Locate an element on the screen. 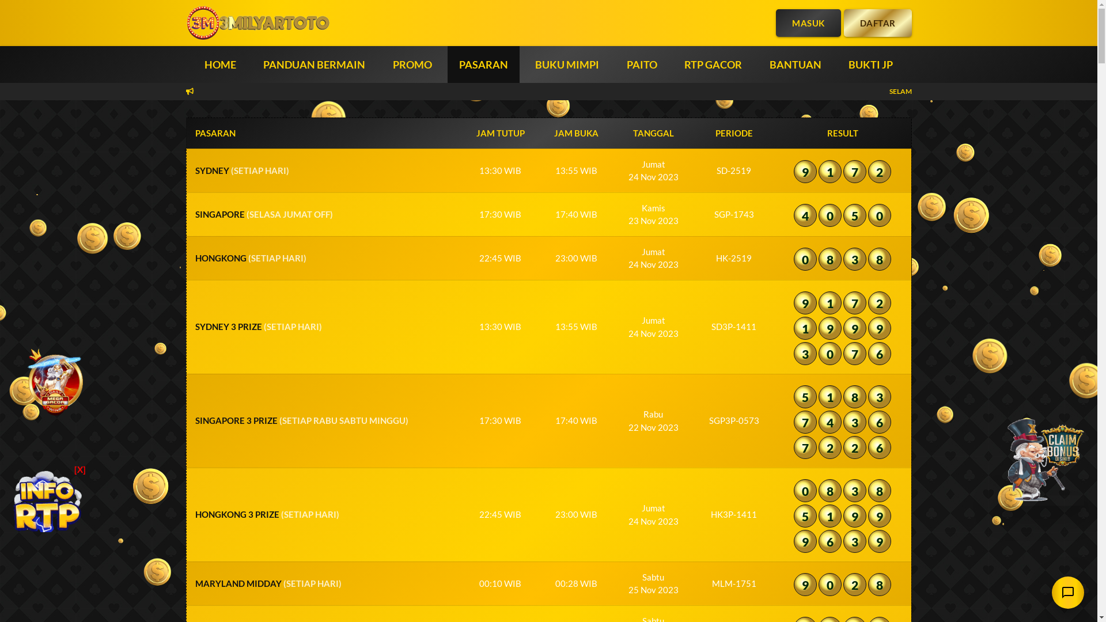  '5 1 8 3 is located at coordinates (854, 423).